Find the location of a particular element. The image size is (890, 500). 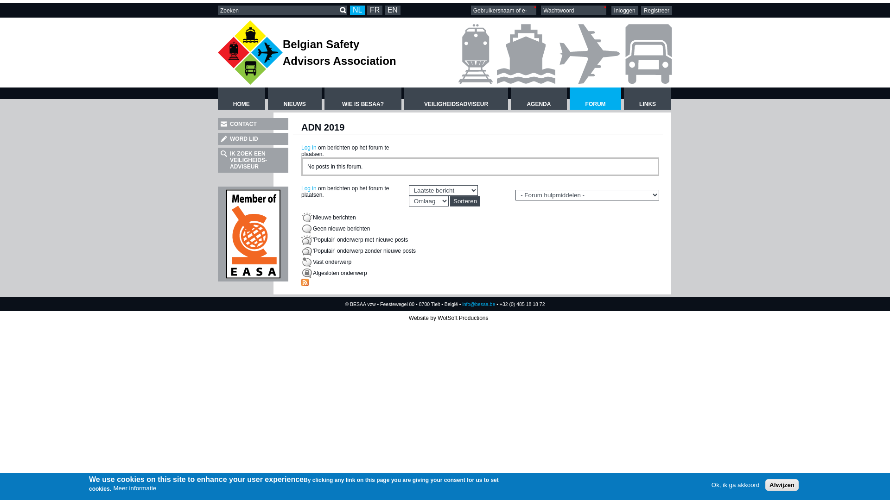

'Ok, ik ga akkoord' is located at coordinates (735, 484).